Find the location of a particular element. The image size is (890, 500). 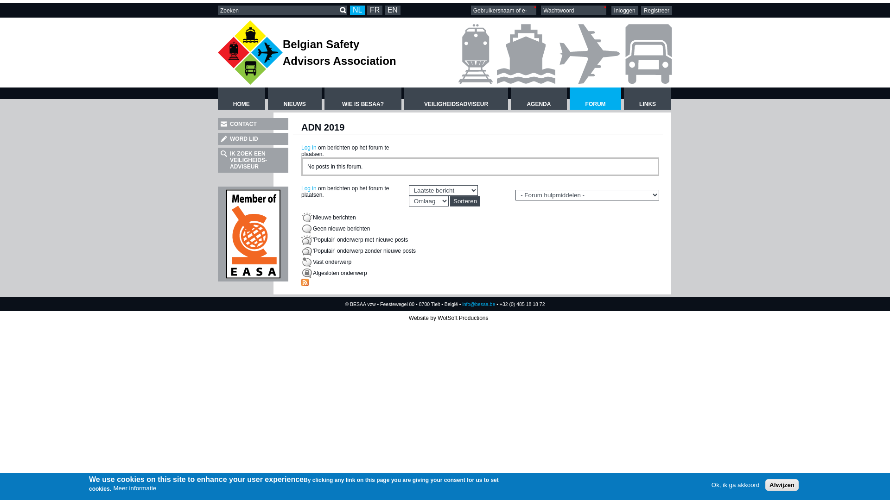

'Ok, ik ga akkoord' is located at coordinates (735, 484).